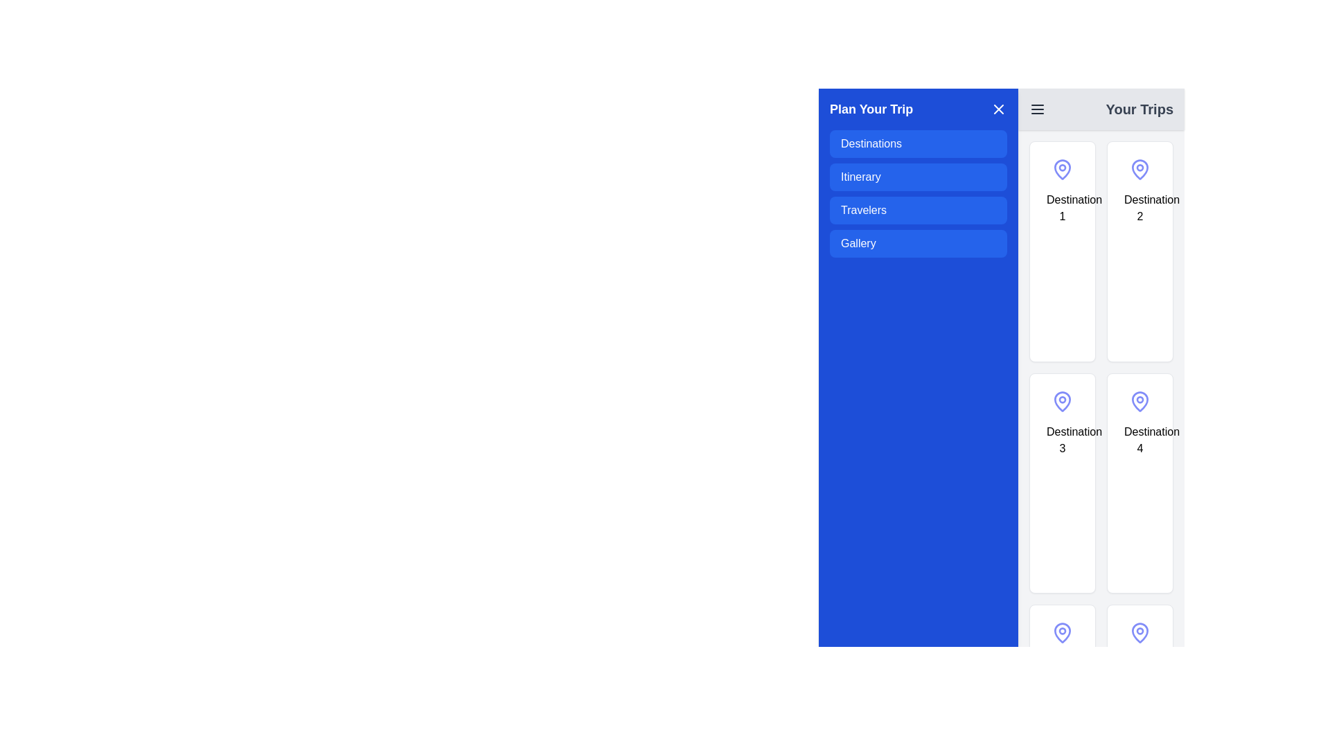  I want to click on label text 'Destination 2' located centrally at the bottom of the second card in the 'Your Trips' section, so click(1140, 208).